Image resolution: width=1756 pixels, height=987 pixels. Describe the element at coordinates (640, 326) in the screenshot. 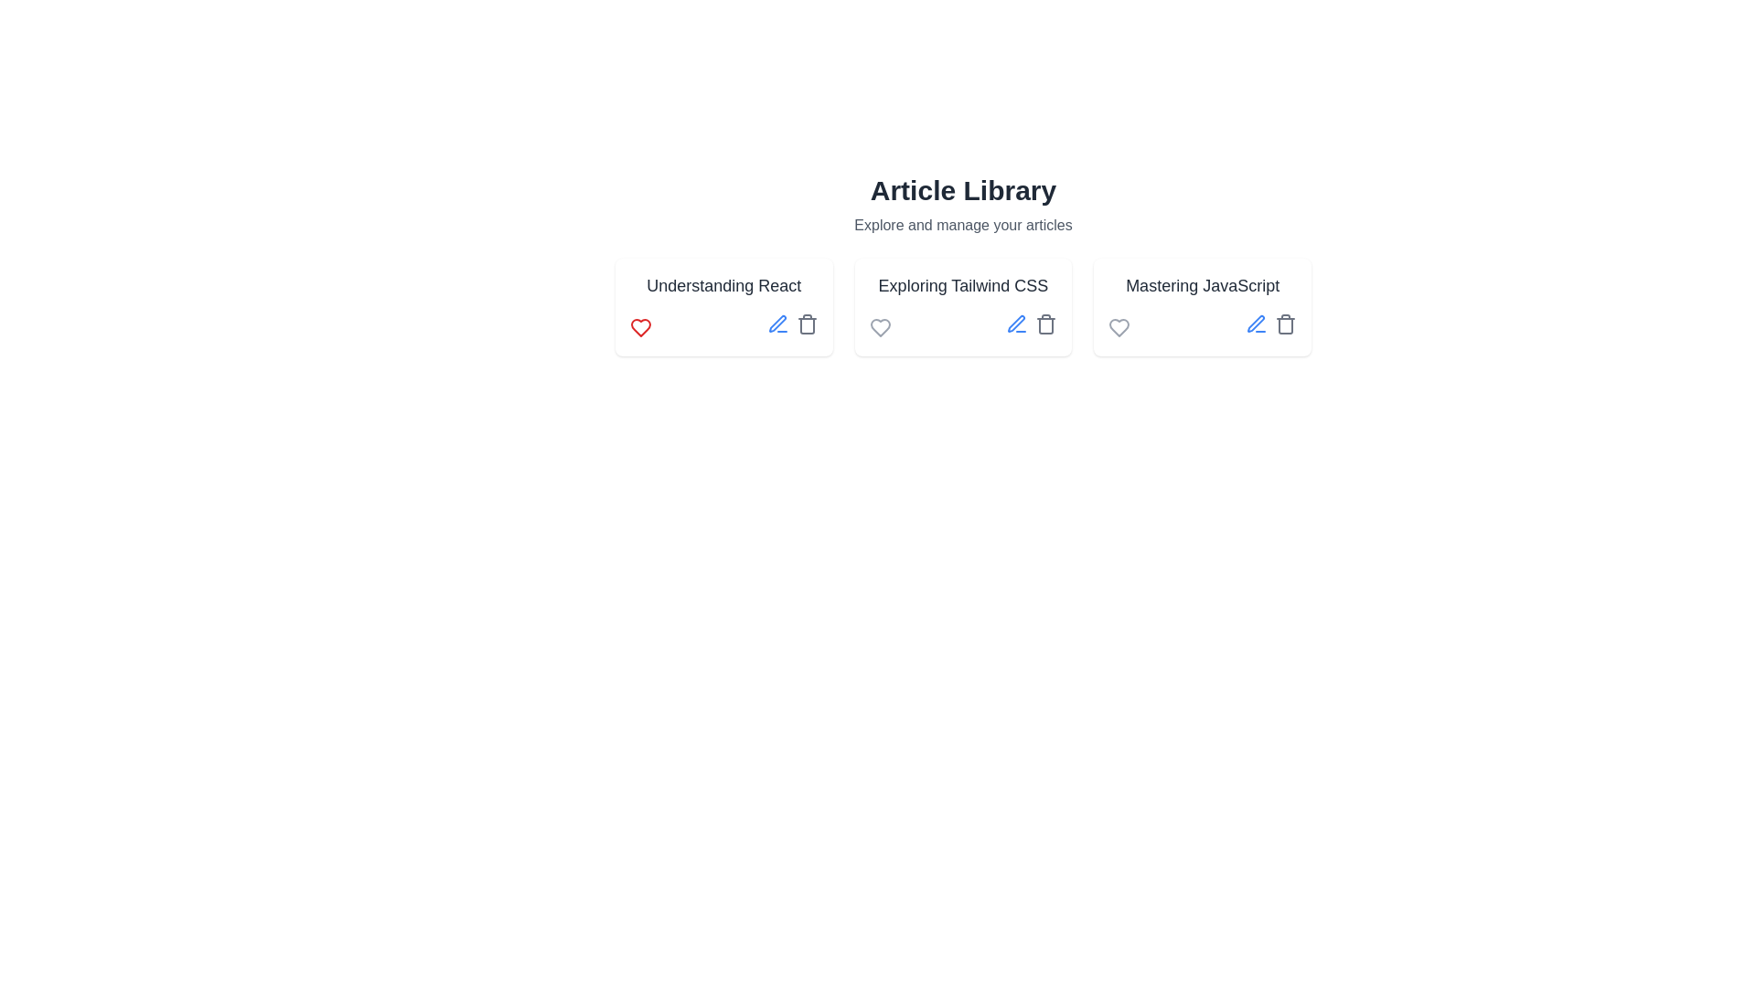

I see `the 'like' icon located at the lower-left part of the 'Understanding React' card` at that location.